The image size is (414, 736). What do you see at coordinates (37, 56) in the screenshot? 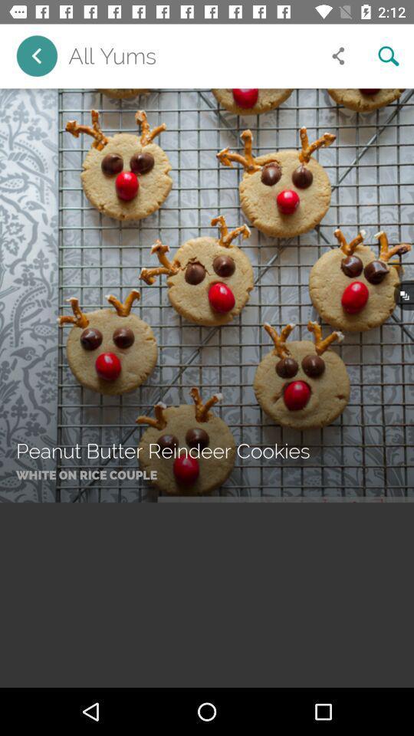
I see `the item at the top left corner` at bounding box center [37, 56].